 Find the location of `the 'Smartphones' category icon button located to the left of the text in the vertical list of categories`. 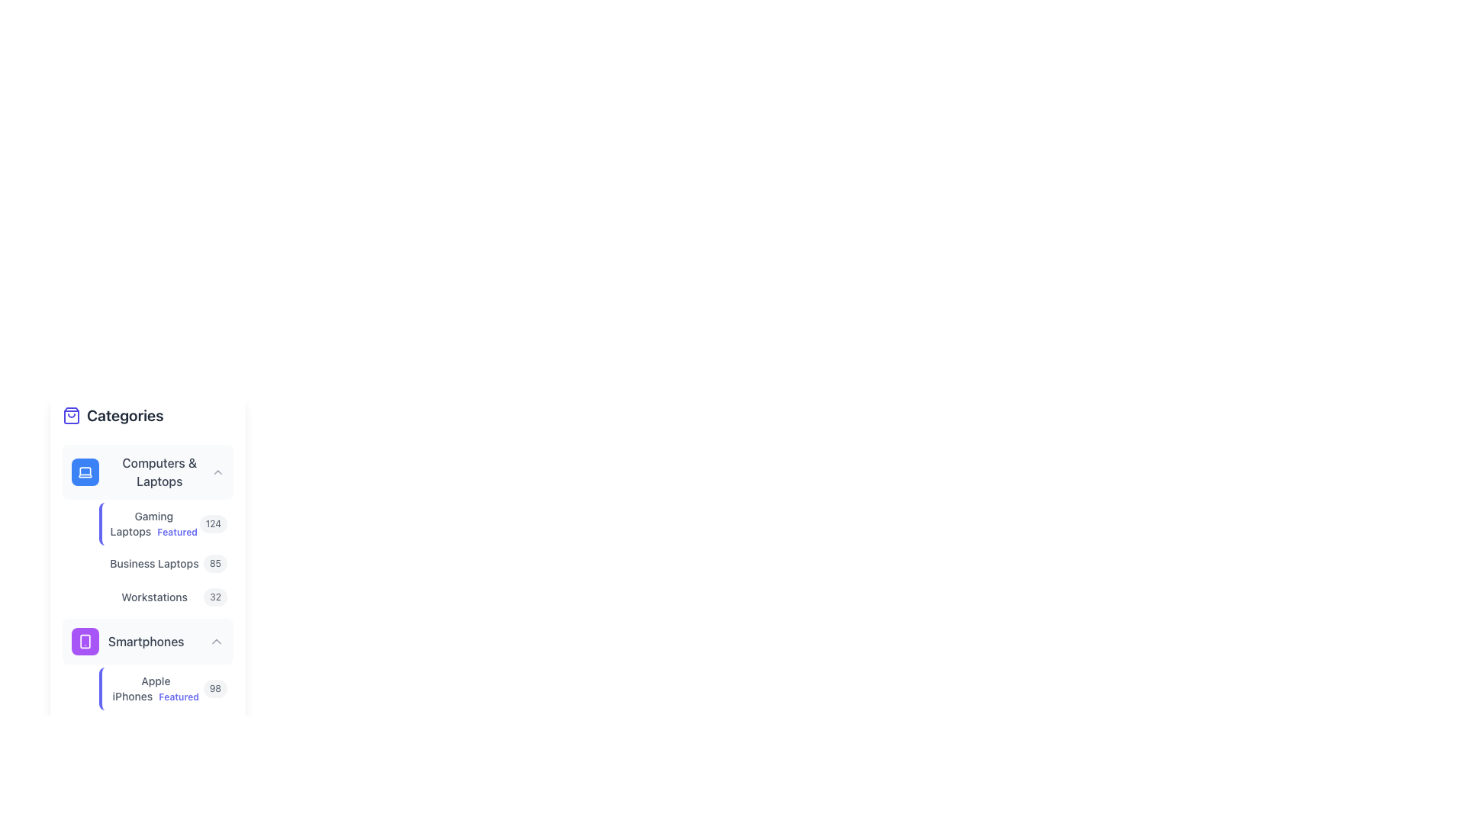

the 'Smartphones' category icon button located to the left of the text in the vertical list of categories is located at coordinates (84, 641).